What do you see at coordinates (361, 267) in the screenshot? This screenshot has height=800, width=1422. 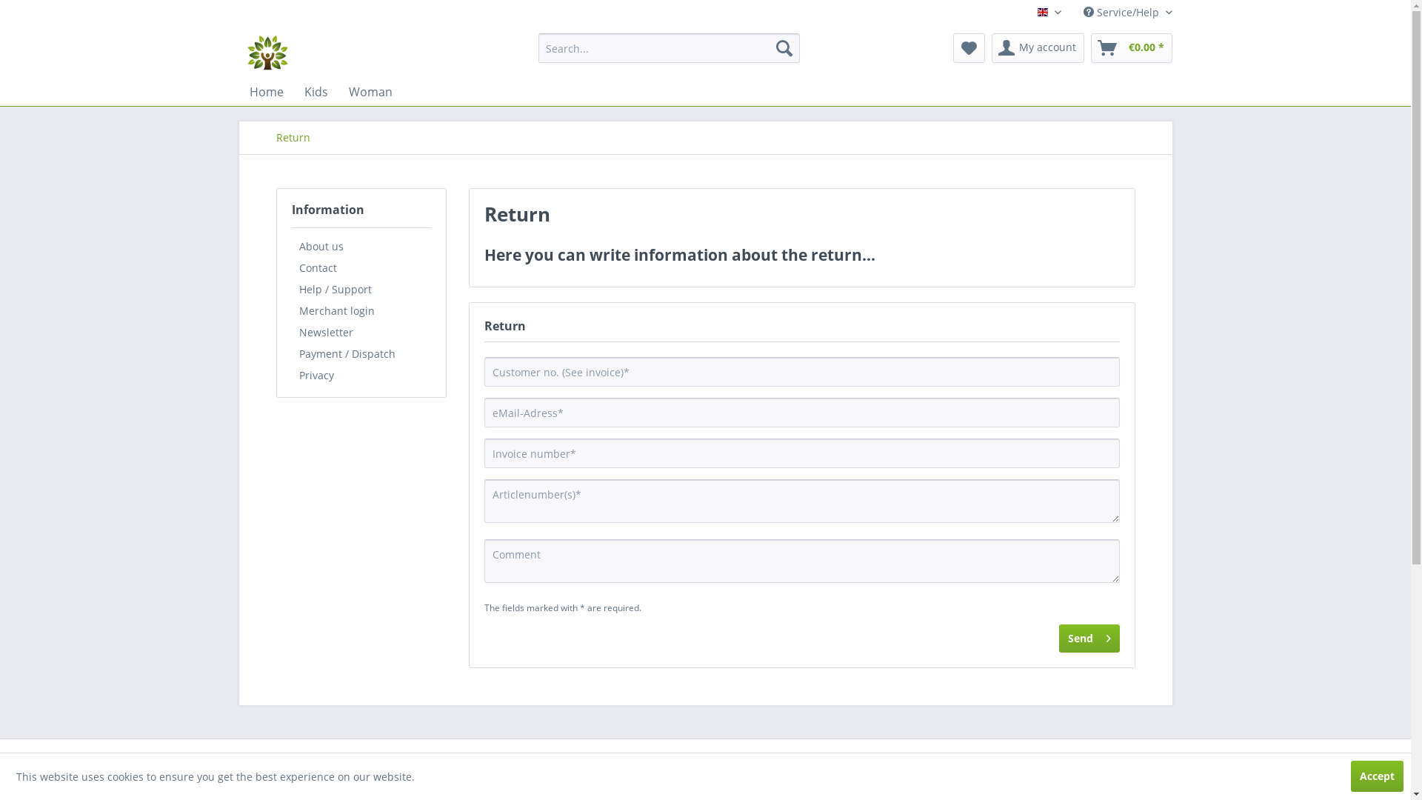 I see `'Contact'` at bounding box center [361, 267].